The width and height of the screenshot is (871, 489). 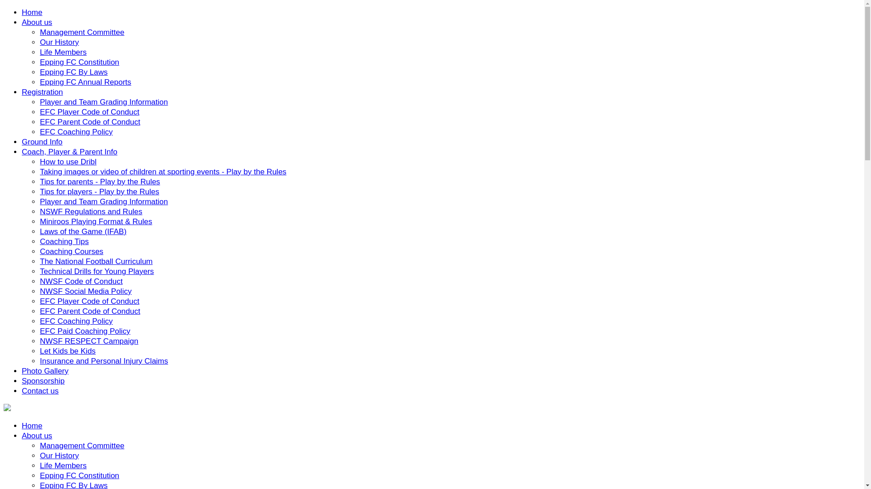 What do you see at coordinates (32, 12) in the screenshot?
I see `'Home'` at bounding box center [32, 12].